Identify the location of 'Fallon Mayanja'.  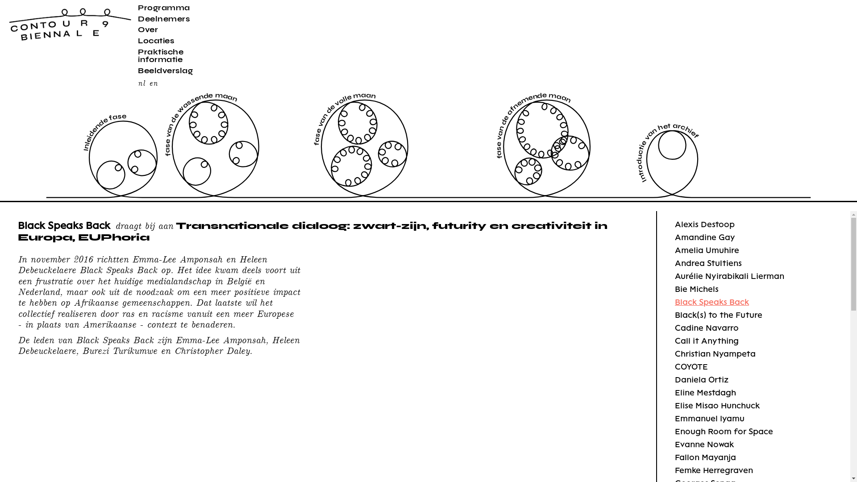
(705, 457).